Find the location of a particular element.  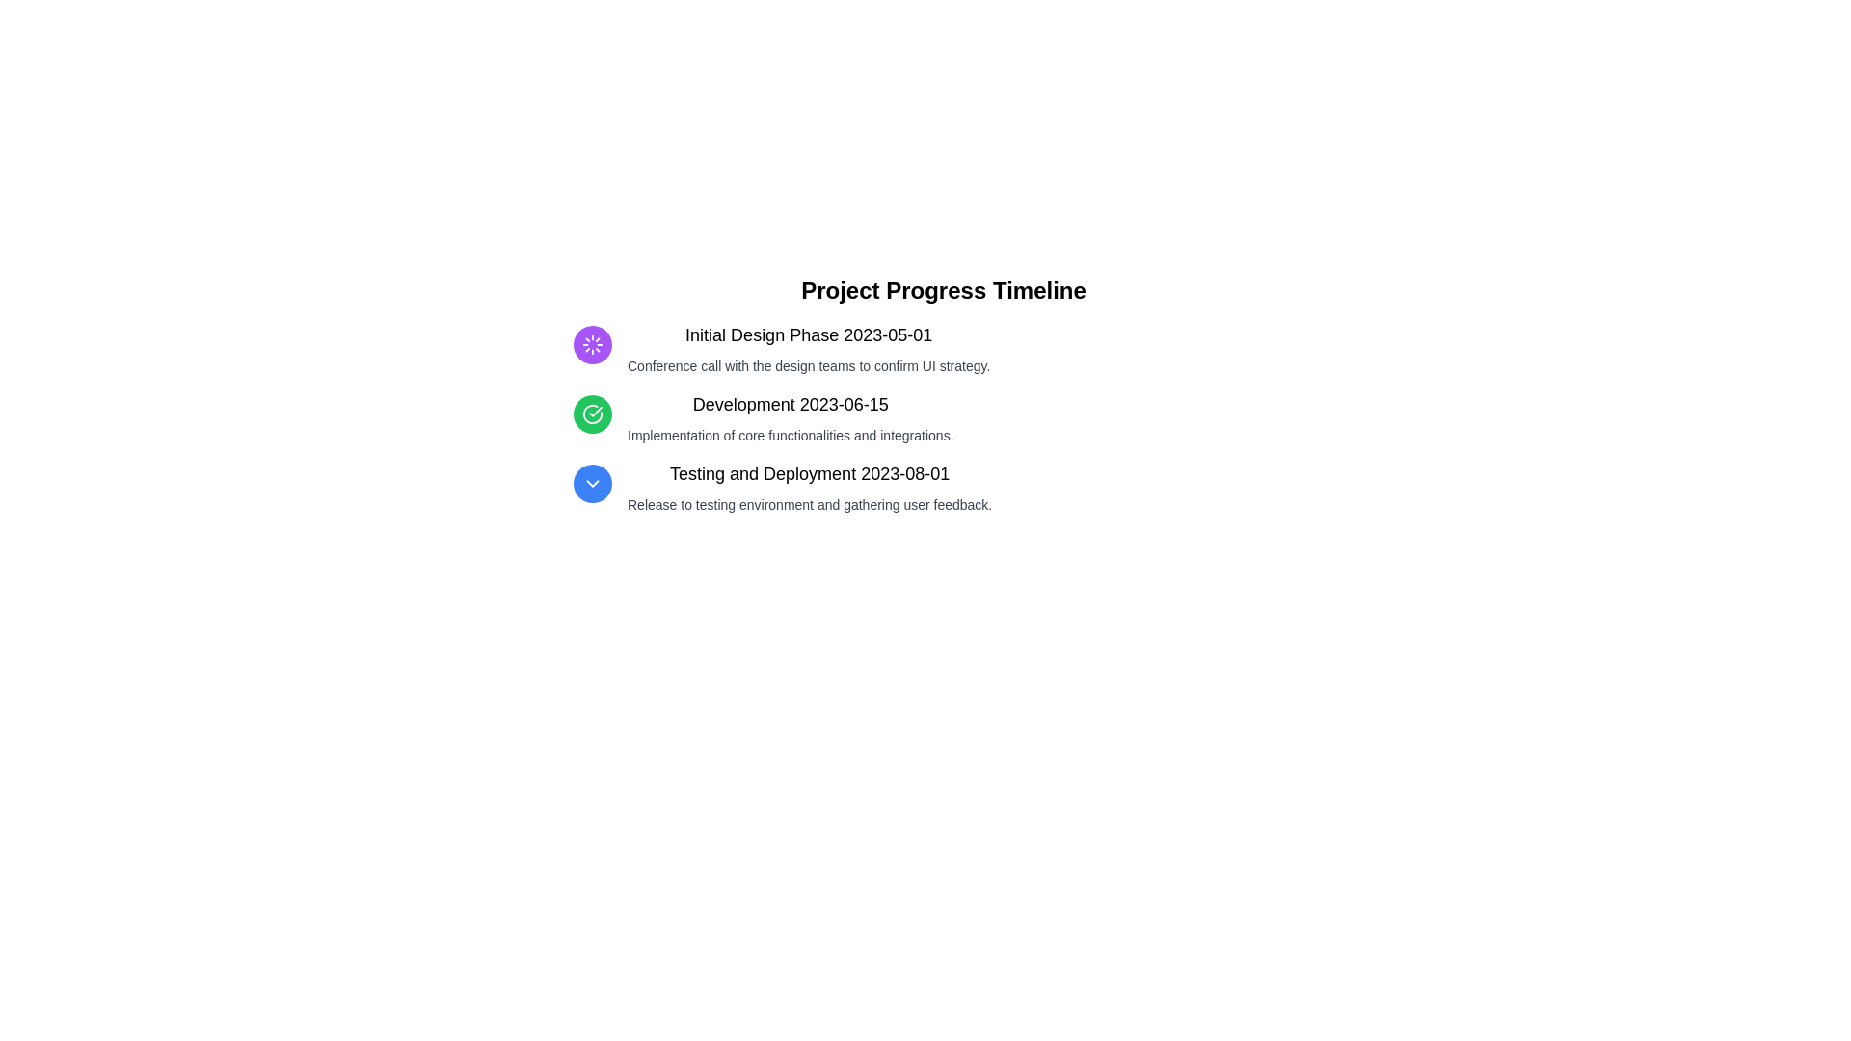

the milestone completion icon located beside the 'Development 2023-06-15' milestone text, indicating a validated status in the project timeline is located at coordinates (595, 411).